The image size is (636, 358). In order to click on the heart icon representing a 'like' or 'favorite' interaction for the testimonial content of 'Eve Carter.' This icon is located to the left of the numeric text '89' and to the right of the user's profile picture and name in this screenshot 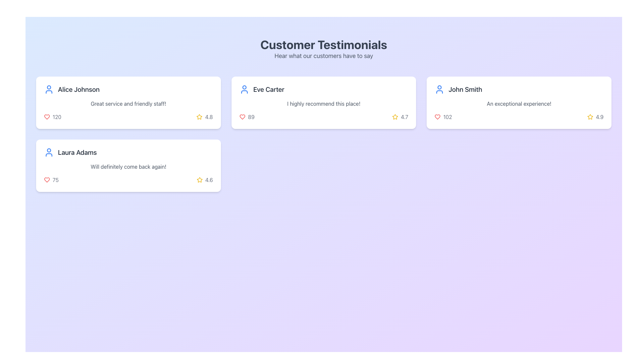, I will do `click(242, 117)`.